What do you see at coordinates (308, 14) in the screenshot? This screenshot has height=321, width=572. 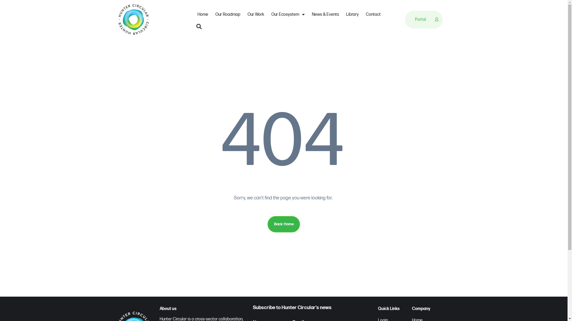 I see `'News & Events'` at bounding box center [308, 14].